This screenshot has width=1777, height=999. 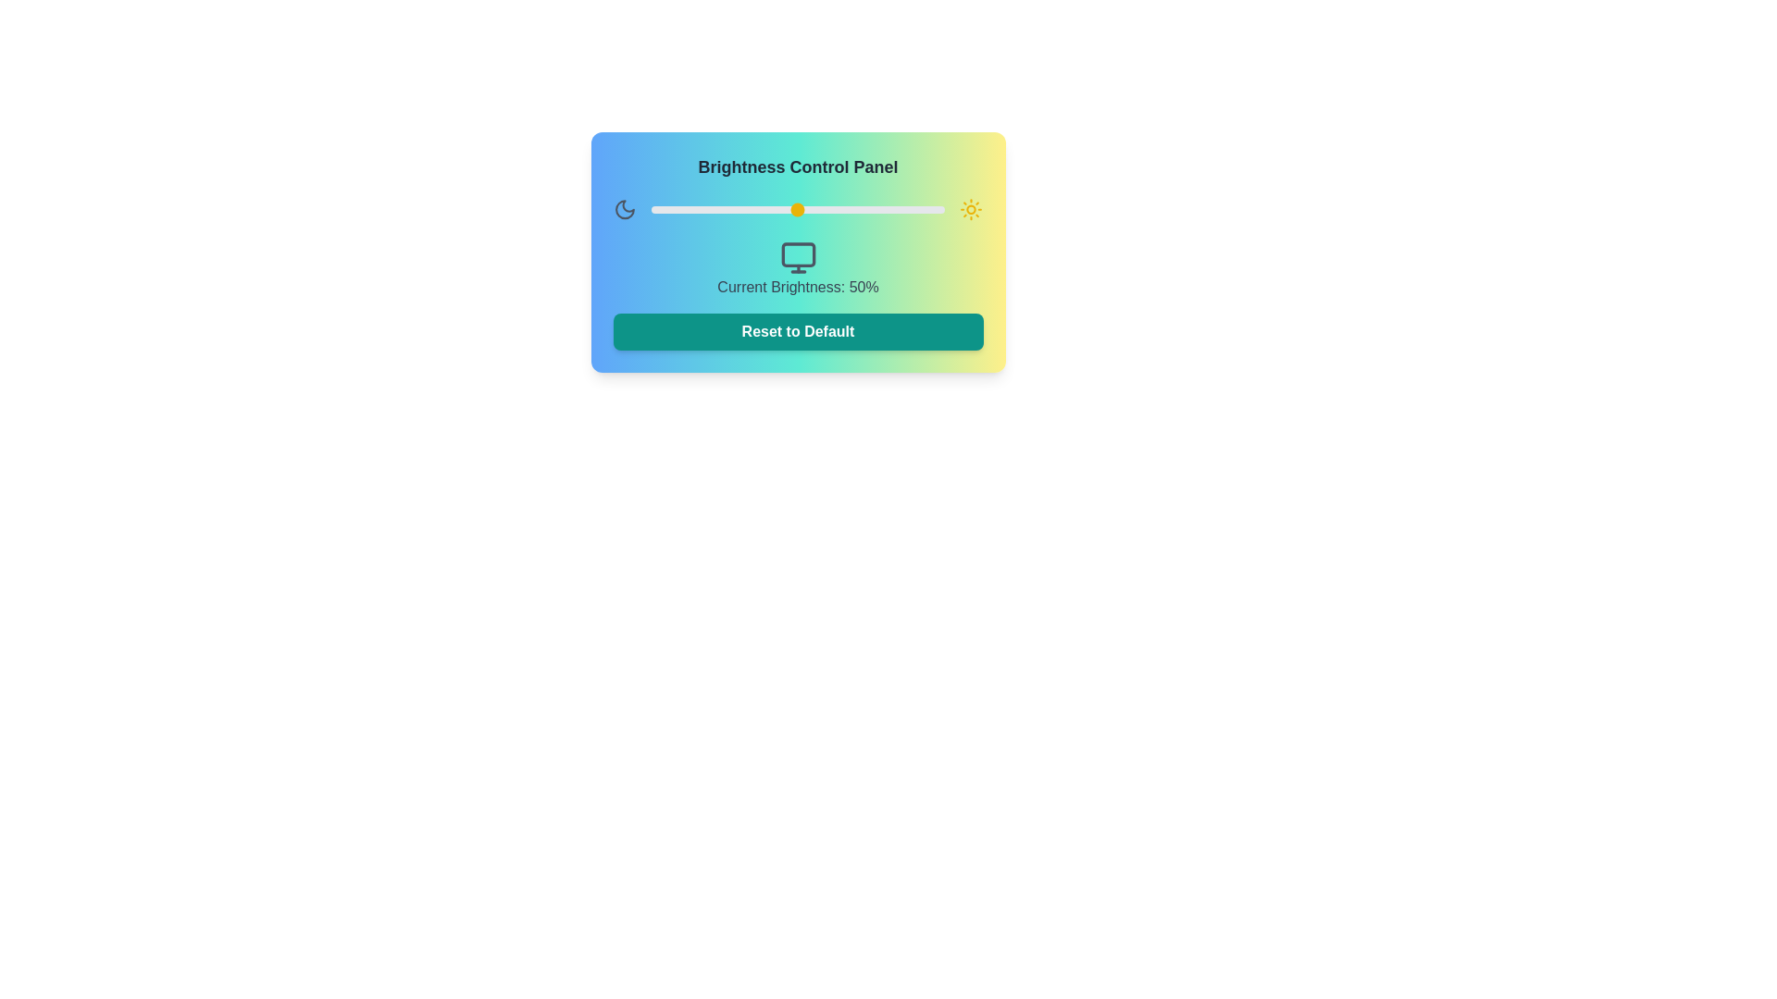 What do you see at coordinates (625, 209) in the screenshot?
I see `the crescent moon icon located in the upper-left region of the Brightness Control Panel interface` at bounding box center [625, 209].